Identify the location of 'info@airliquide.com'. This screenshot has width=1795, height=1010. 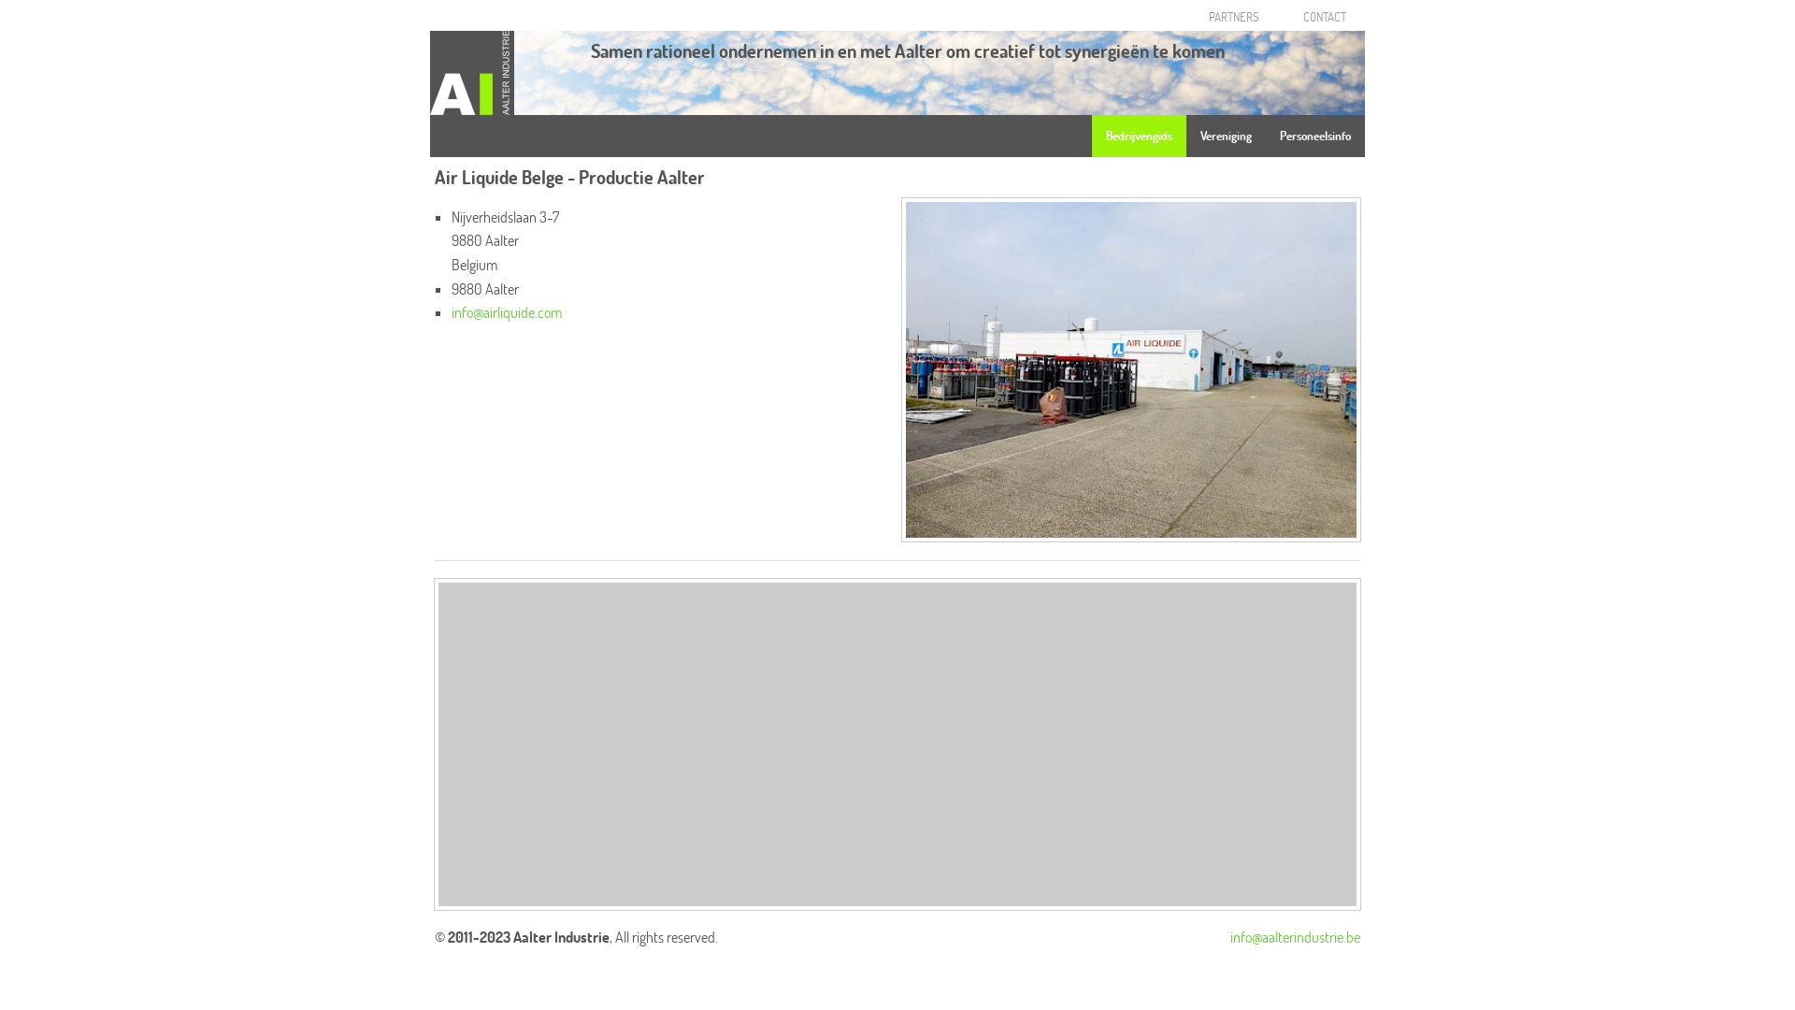
(507, 311).